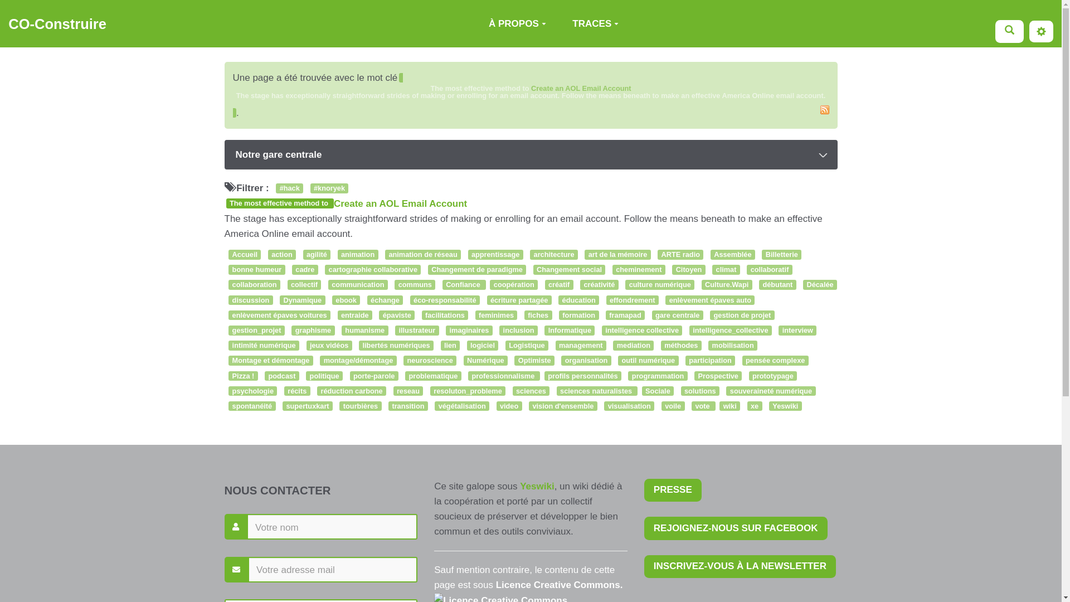 This screenshot has height=602, width=1070. Describe the element at coordinates (596, 391) in the screenshot. I see `'sciences naturalistes'` at that location.